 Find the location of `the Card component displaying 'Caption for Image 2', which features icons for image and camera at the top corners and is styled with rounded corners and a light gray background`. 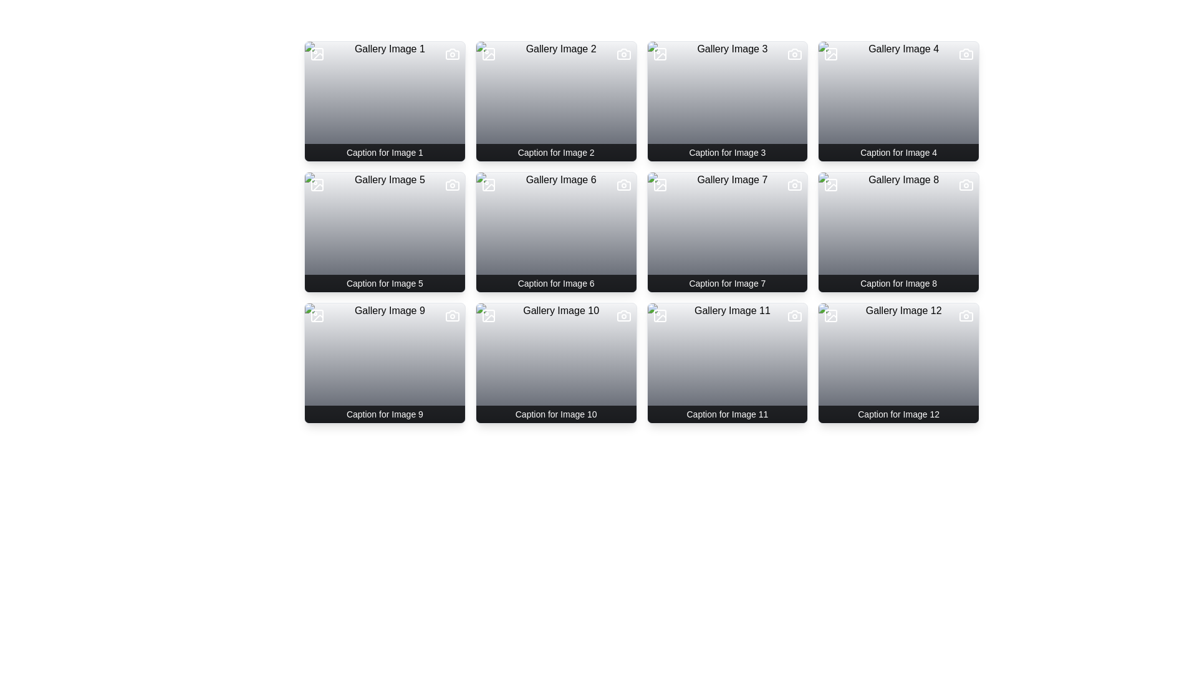

the Card component displaying 'Caption for Image 2', which features icons for image and camera at the top corners and is styled with rounded corners and a light gray background is located at coordinates (555, 100).